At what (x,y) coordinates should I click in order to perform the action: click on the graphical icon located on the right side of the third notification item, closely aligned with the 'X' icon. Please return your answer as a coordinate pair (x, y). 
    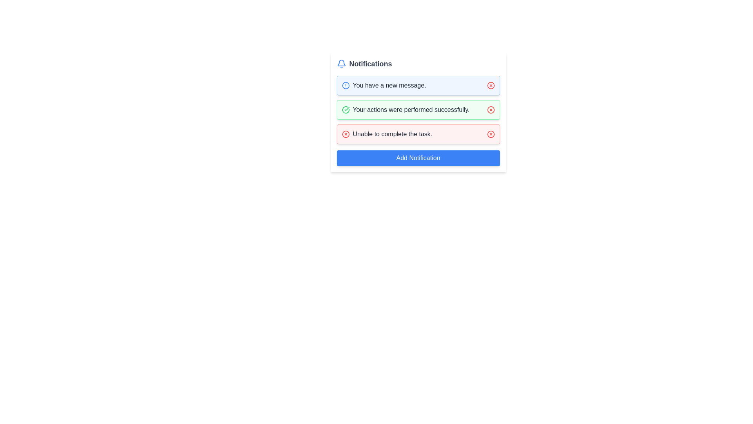
    Looking at the image, I should click on (490, 134).